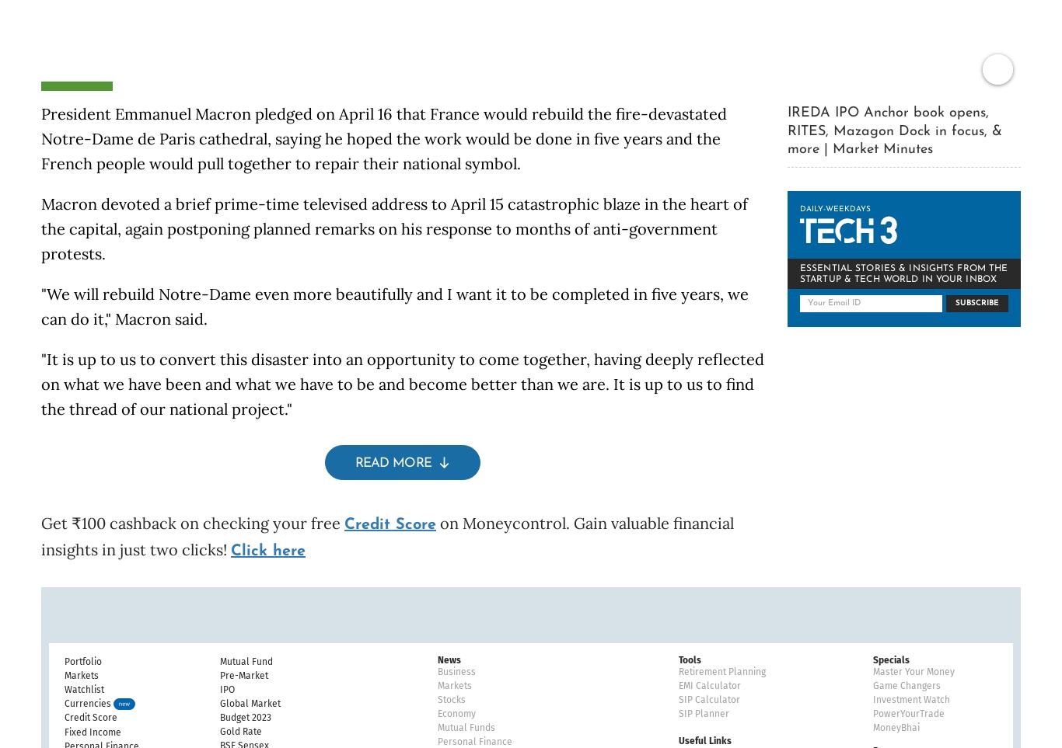 The width and height of the screenshot is (1062, 748). I want to click on 'DAILY-WEEKDAYS', so click(799, 186).